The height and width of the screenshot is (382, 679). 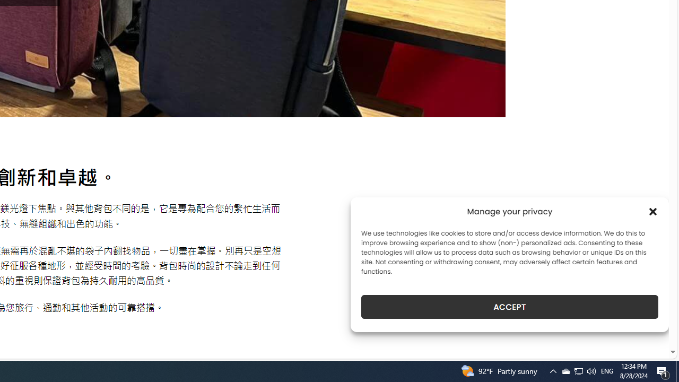 What do you see at coordinates (510, 307) in the screenshot?
I see `'ACCEPT'` at bounding box center [510, 307].